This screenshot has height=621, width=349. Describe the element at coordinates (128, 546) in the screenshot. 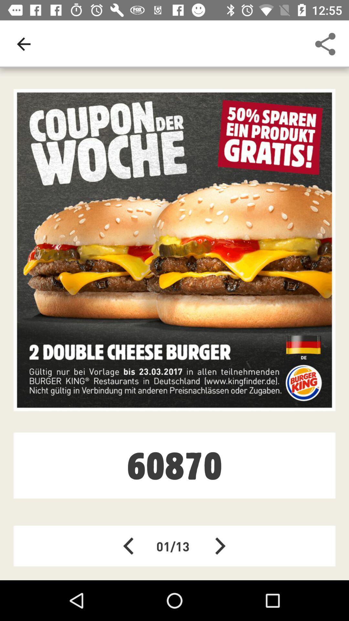

I see `the arrow_backward icon` at that location.